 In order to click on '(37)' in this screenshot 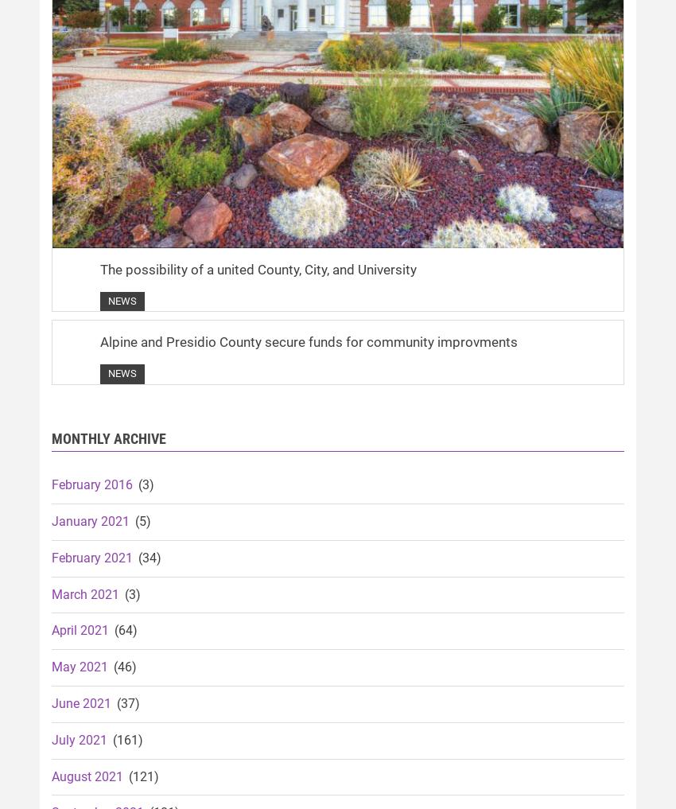, I will do `click(126, 702)`.